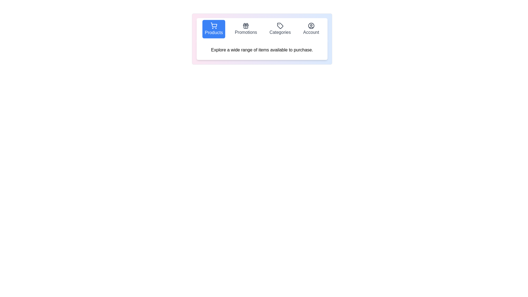 Image resolution: width=528 pixels, height=297 pixels. What do you see at coordinates (245, 29) in the screenshot?
I see `the tab labeled Promotions to select it` at bounding box center [245, 29].